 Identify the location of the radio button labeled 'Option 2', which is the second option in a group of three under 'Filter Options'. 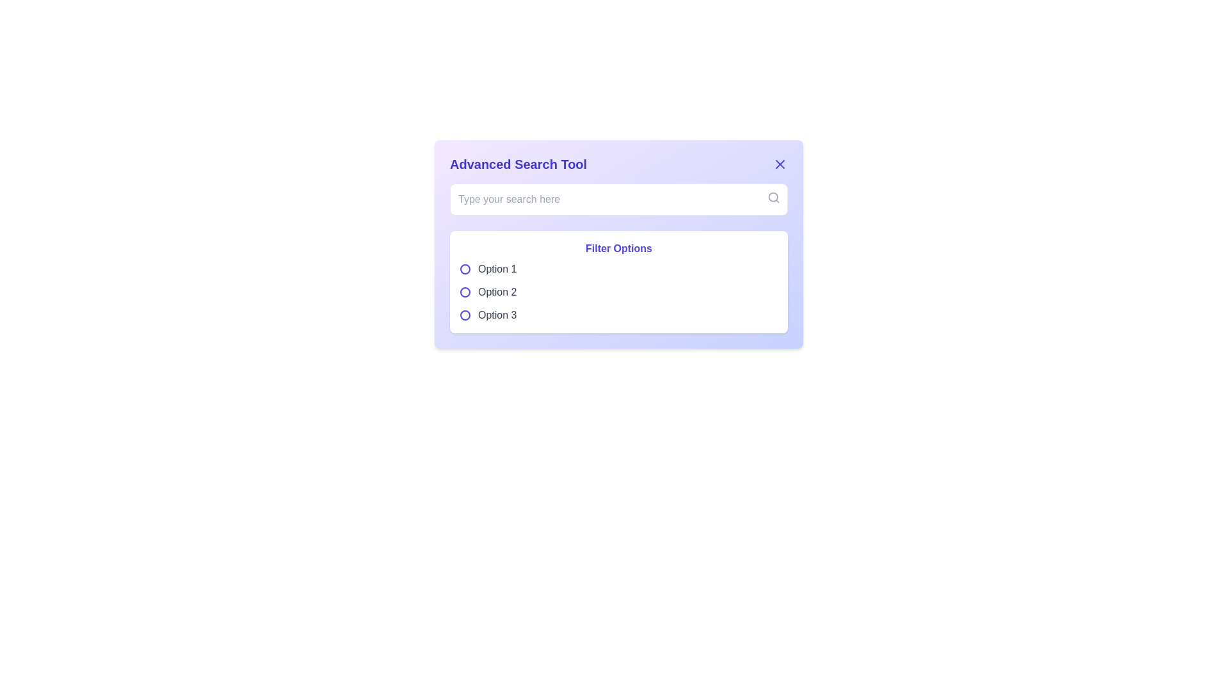
(618, 292).